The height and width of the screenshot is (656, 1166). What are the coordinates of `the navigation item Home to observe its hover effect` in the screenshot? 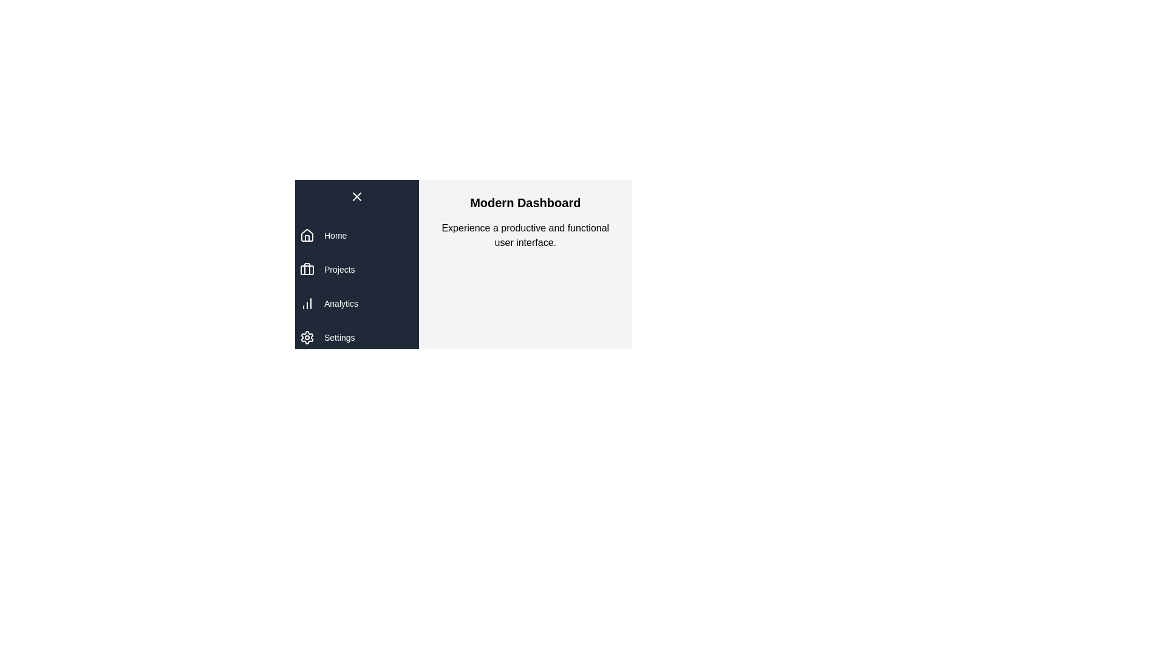 It's located at (356, 236).